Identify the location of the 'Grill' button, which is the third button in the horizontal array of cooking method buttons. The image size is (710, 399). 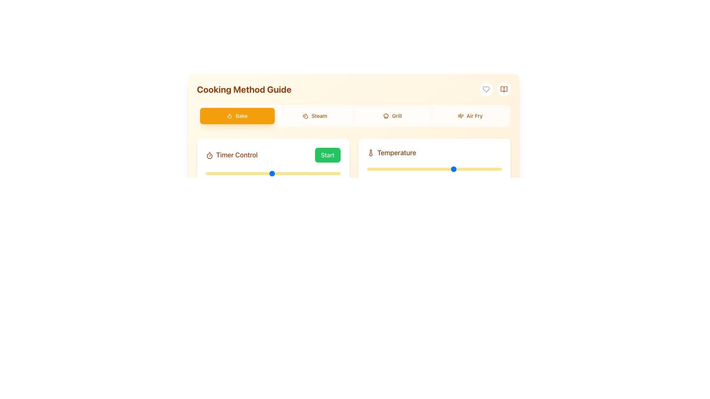
(392, 116).